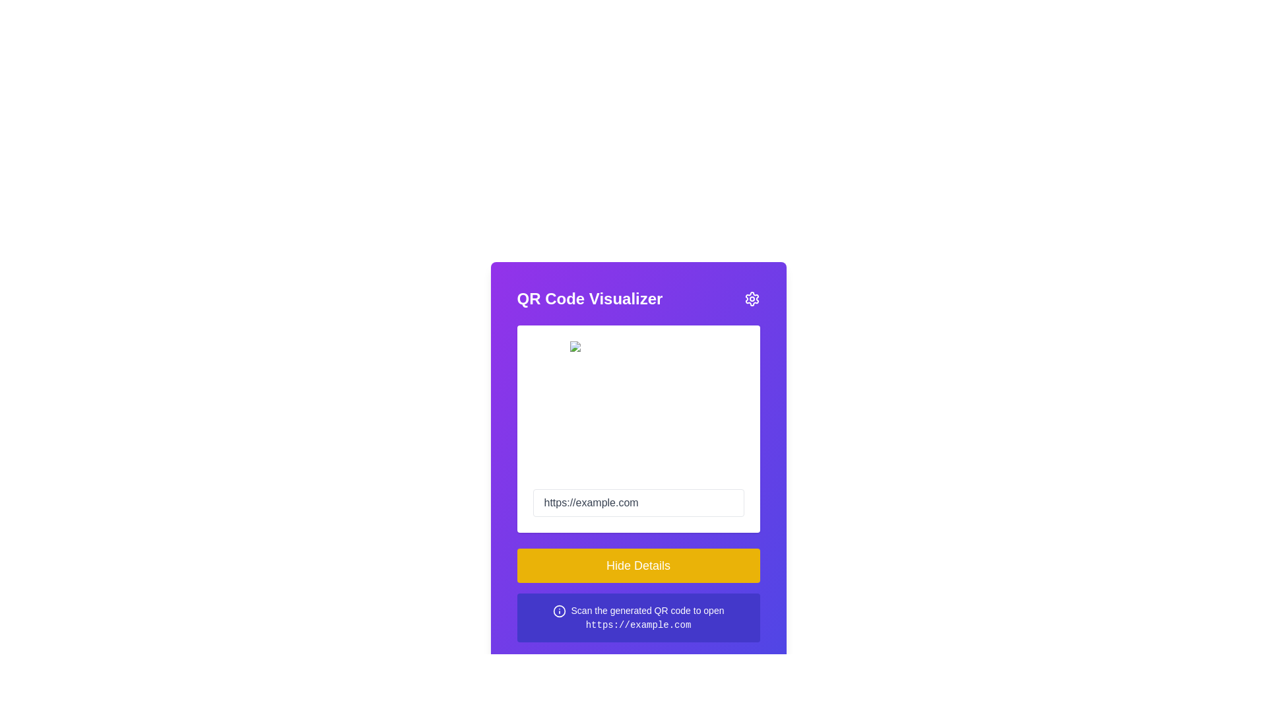 Image resolution: width=1267 pixels, height=713 pixels. I want to click on the center of the cogwheel icon located in the upper-right corner of the 'QR Code Visualizer' card, so click(752, 298).